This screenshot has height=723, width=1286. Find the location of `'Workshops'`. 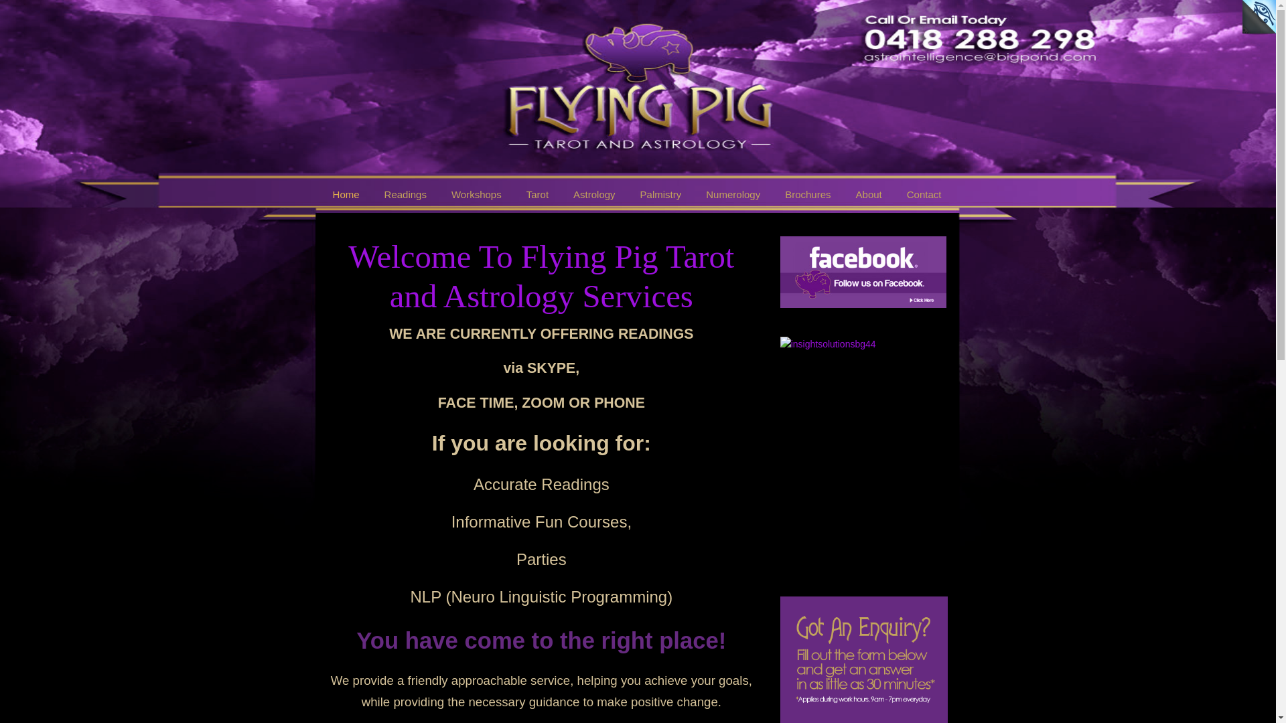

'Workshops' is located at coordinates (476, 194).